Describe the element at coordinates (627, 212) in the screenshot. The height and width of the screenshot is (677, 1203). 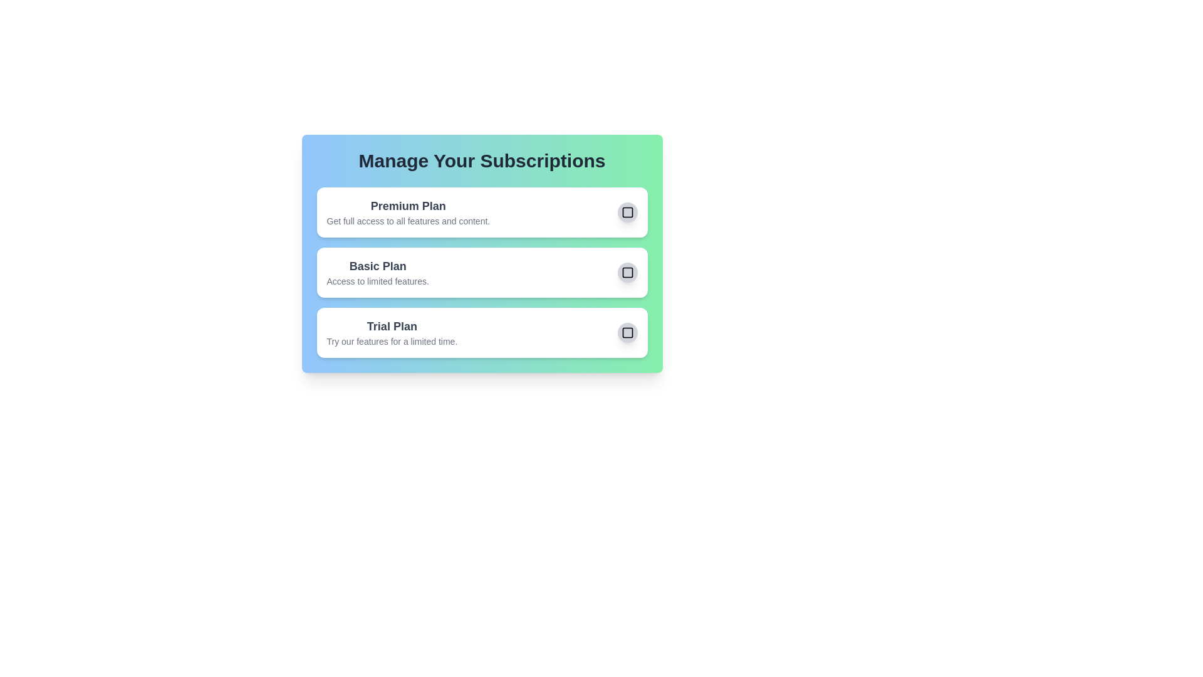
I see `the small rounded rectangle icon within the 'Premium Plan' card located at the top-right corner of the card` at that location.